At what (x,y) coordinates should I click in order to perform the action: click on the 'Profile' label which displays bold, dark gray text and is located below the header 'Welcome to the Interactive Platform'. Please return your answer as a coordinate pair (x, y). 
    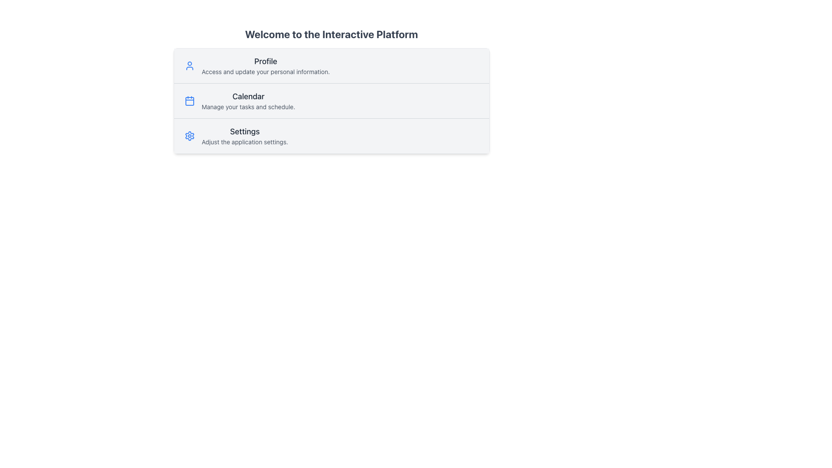
    Looking at the image, I should click on (265, 65).